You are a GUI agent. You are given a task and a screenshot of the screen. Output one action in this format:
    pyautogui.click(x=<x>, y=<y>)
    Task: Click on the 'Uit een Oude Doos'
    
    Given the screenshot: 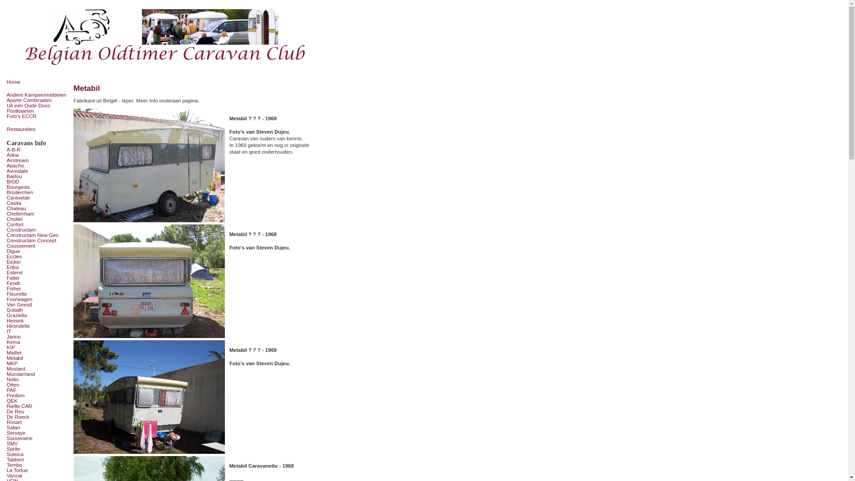 What is the action you would take?
    pyautogui.click(x=6, y=105)
    